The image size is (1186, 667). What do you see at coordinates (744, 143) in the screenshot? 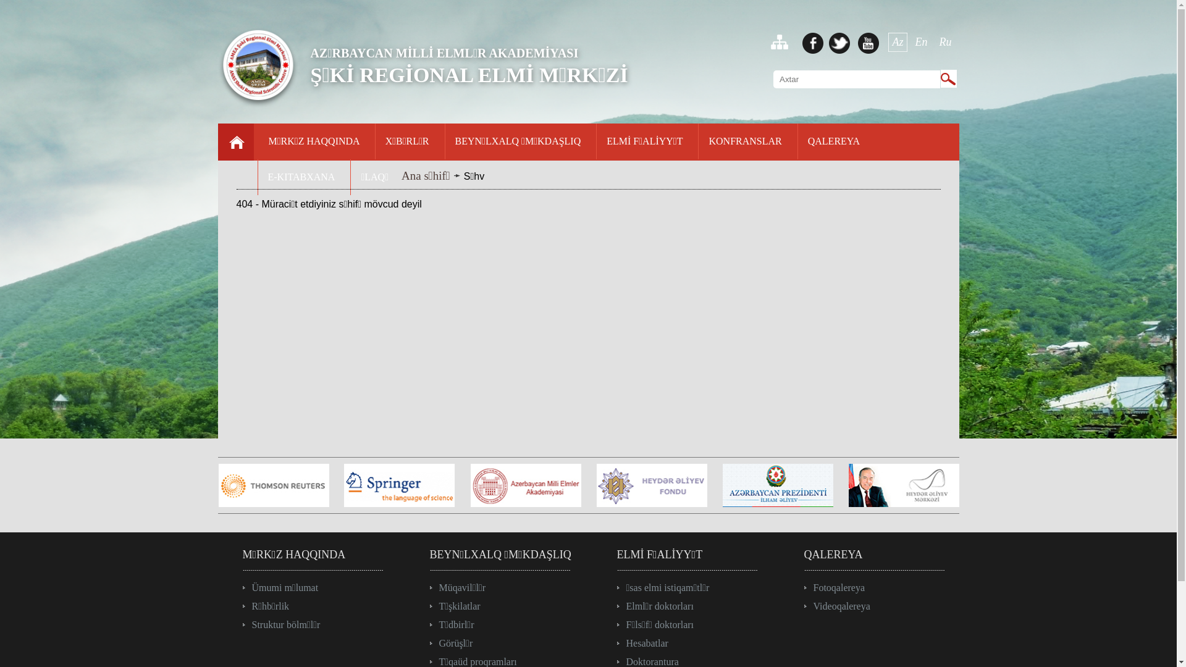
I see `'KONFRANSLAR'` at bounding box center [744, 143].